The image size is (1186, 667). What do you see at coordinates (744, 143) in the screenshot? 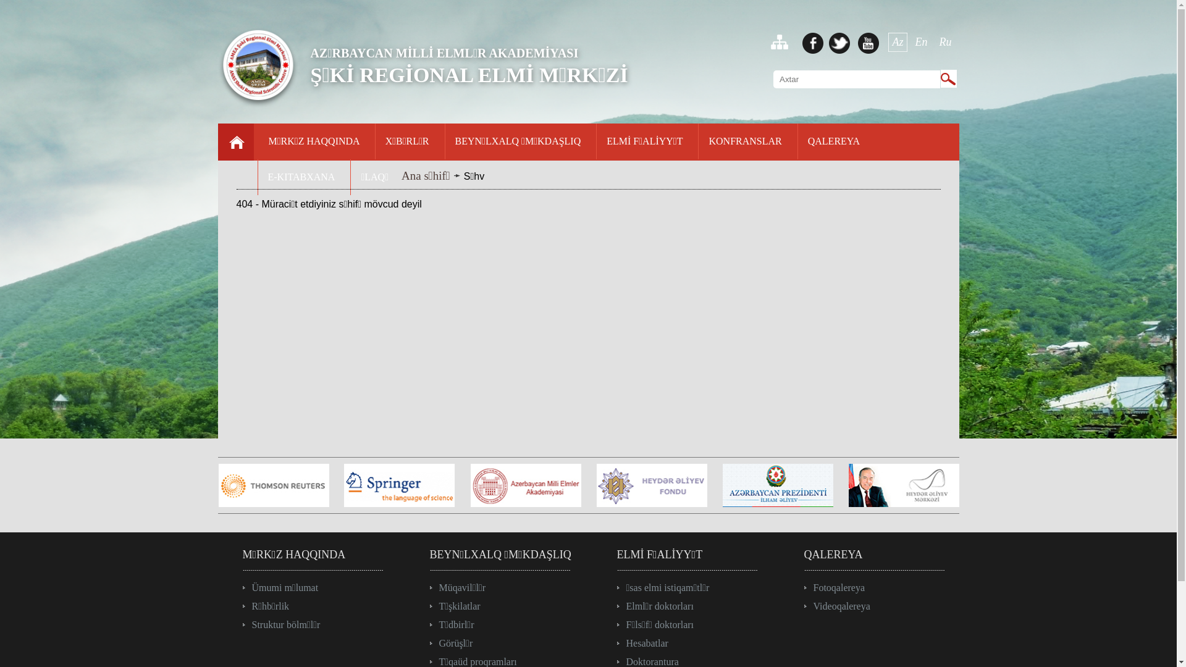
I see `'KONFRANSLAR'` at bounding box center [744, 143].